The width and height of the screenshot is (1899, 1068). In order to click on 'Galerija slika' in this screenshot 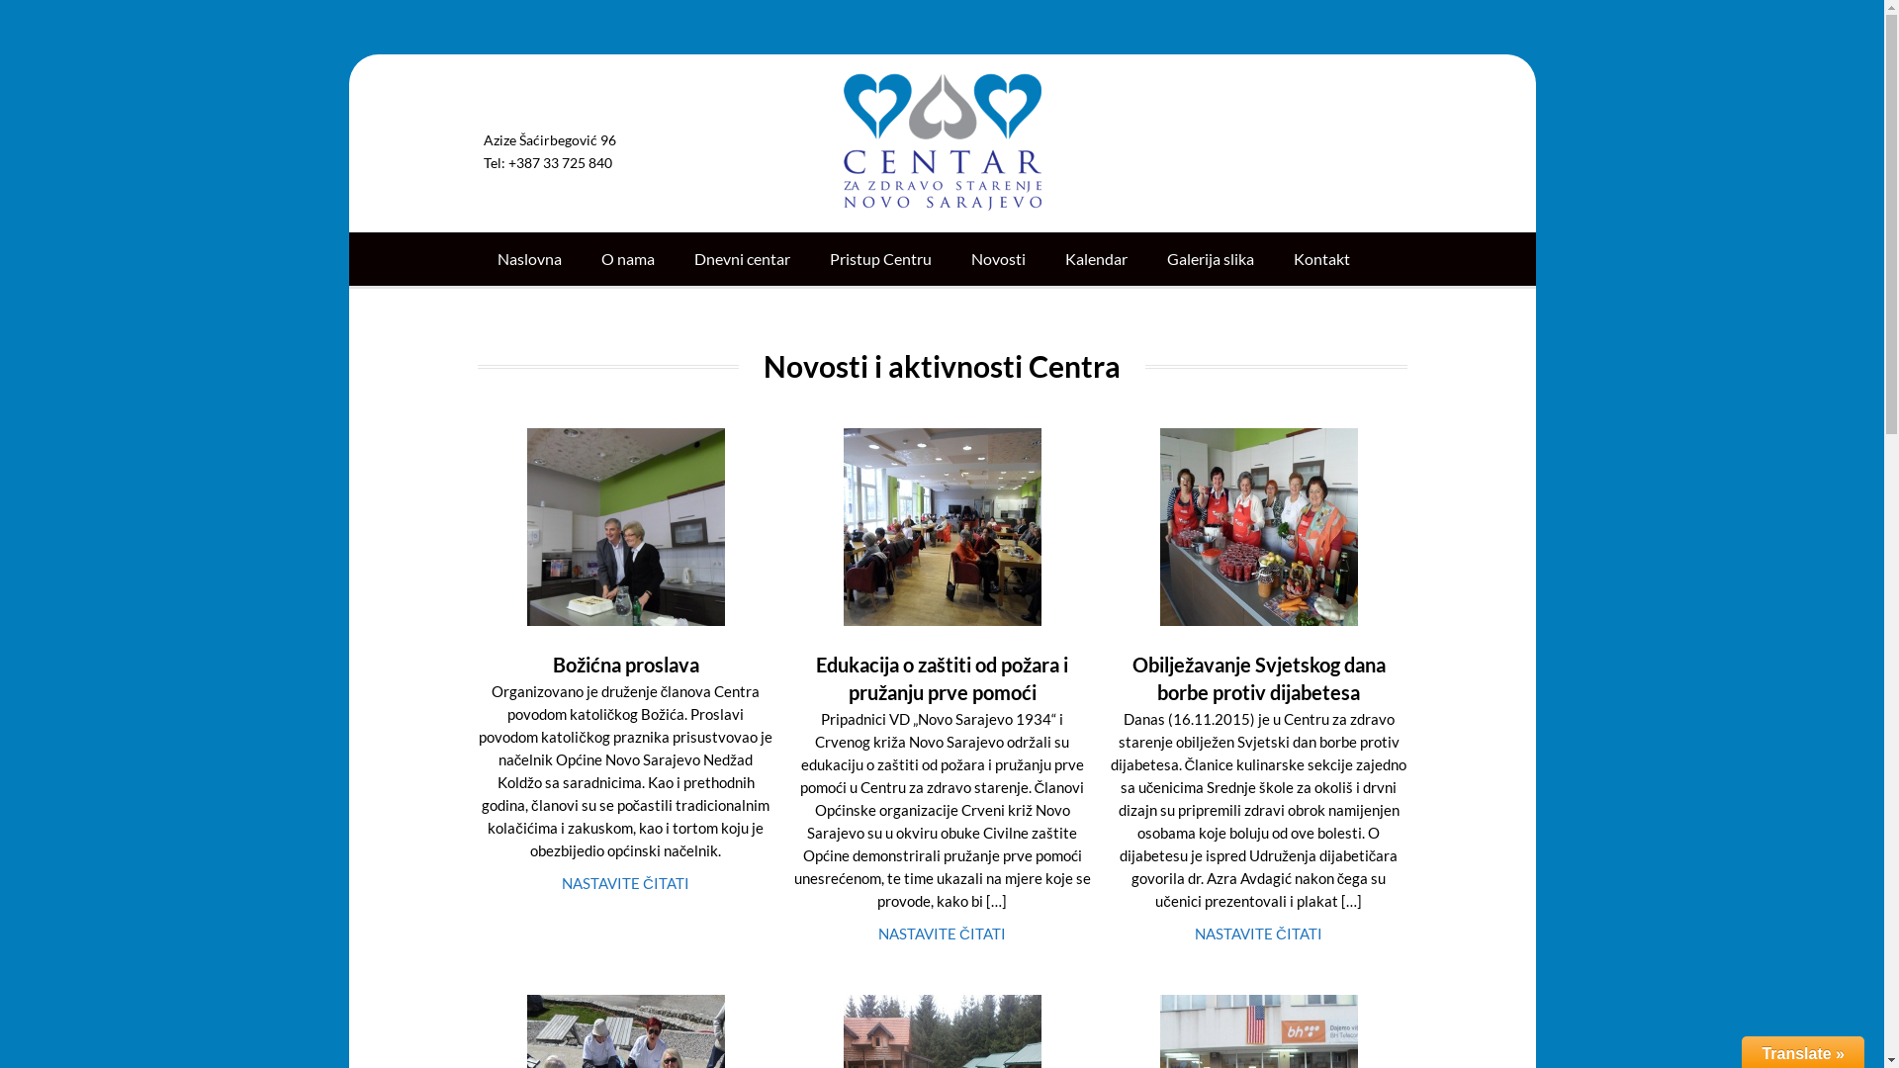, I will do `click(1210, 258)`.